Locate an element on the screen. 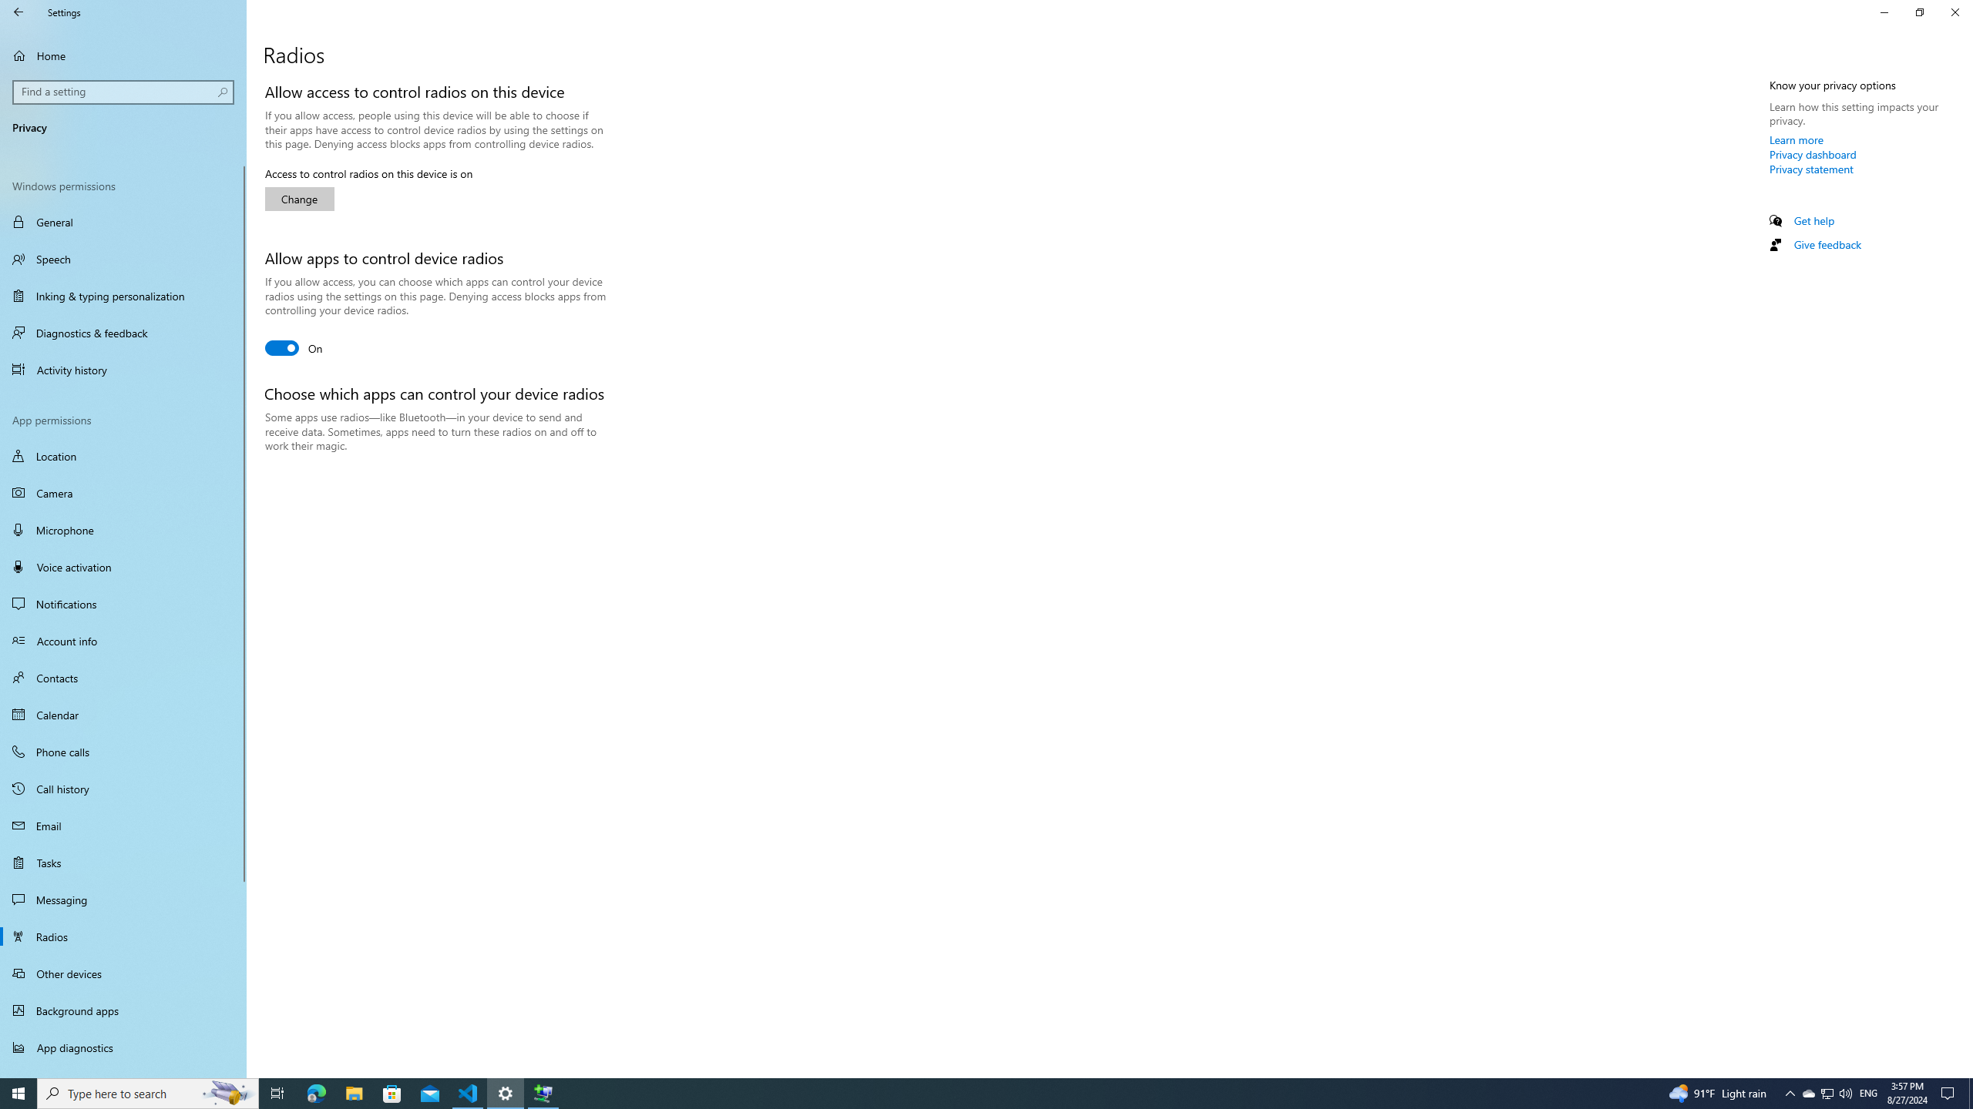 The height and width of the screenshot is (1109, 1973). 'Search highlights icon opens search home window' is located at coordinates (227, 1092).